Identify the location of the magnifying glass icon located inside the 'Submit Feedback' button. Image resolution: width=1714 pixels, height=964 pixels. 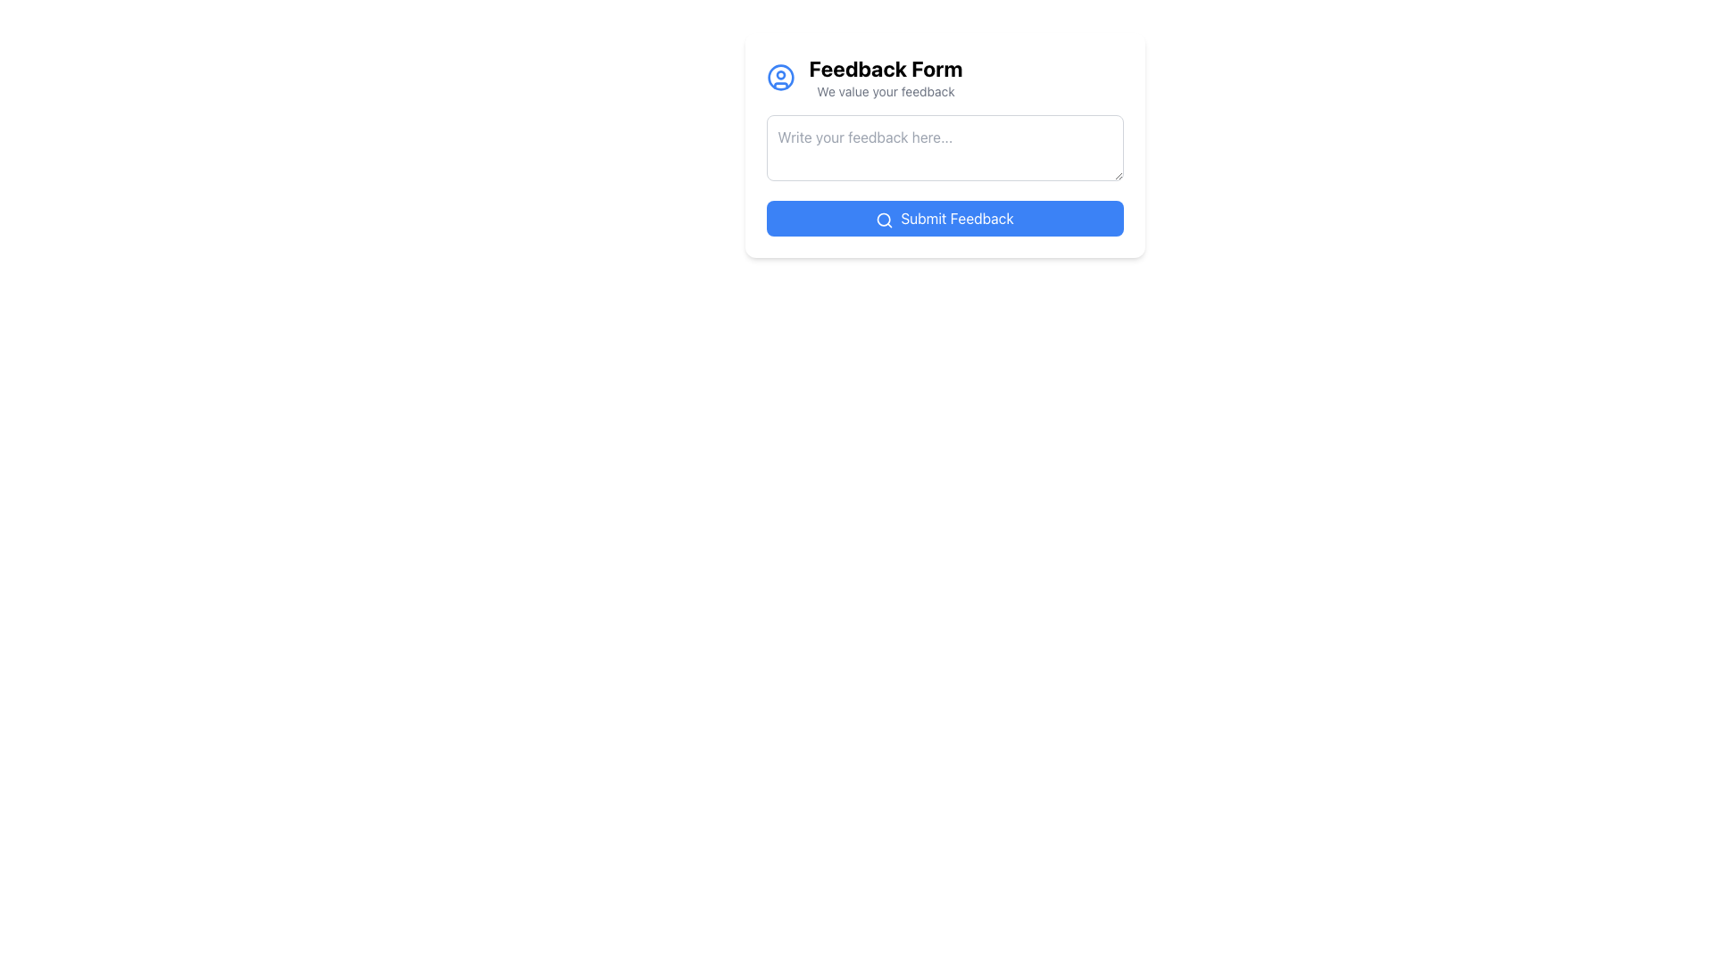
(885, 219).